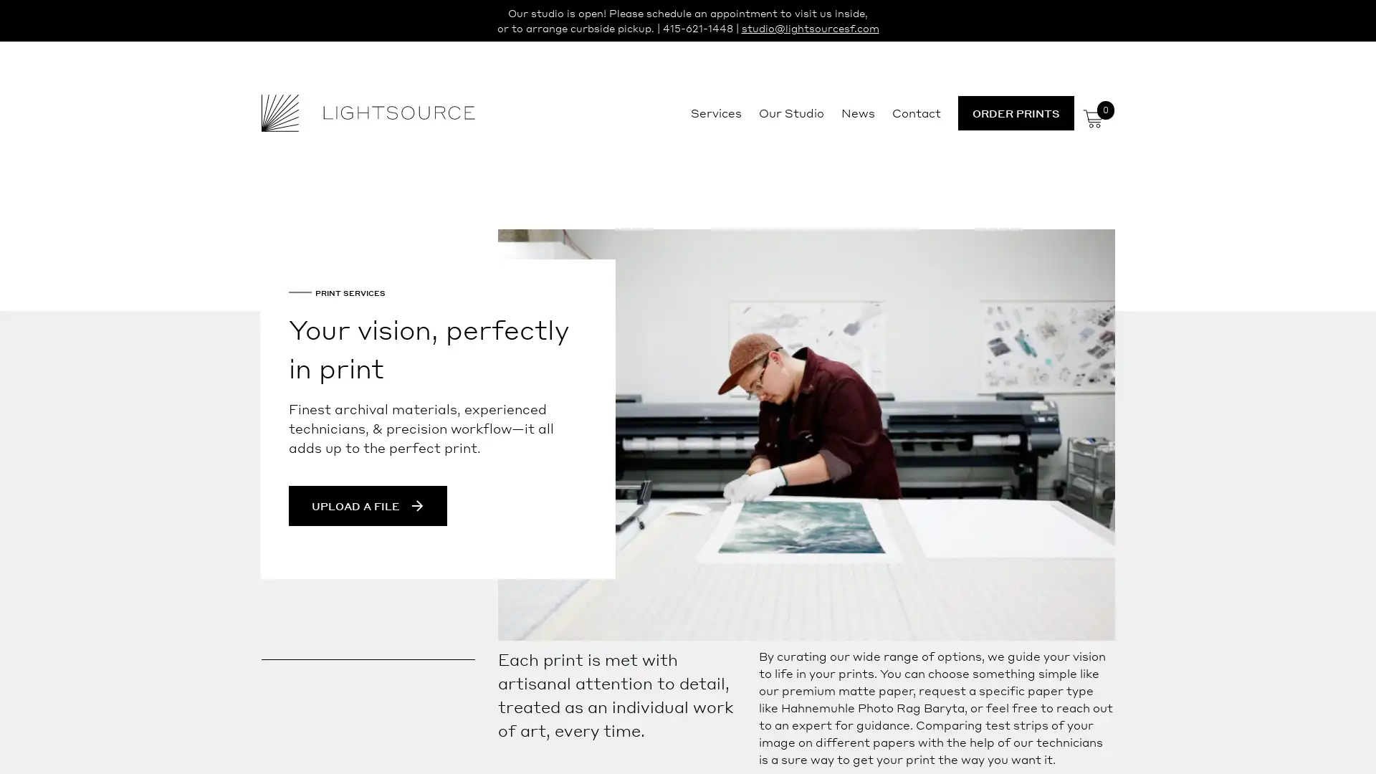 The height and width of the screenshot is (774, 1376). What do you see at coordinates (822, 499) in the screenshot?
I see `Sign up` at bounding box center [822, 499].